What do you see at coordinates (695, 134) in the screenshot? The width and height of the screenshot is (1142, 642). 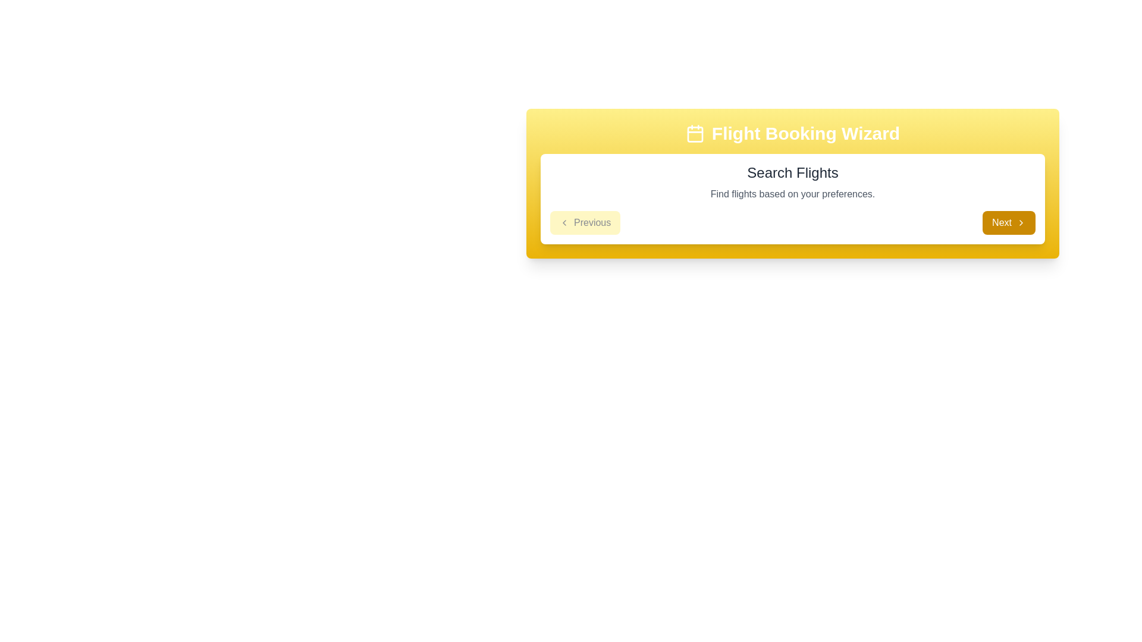 I see `the main body of the calendar icon located within the header section of the yellow panel titled 'Flight Booking Wizard'` at bounding box center [695, 134].